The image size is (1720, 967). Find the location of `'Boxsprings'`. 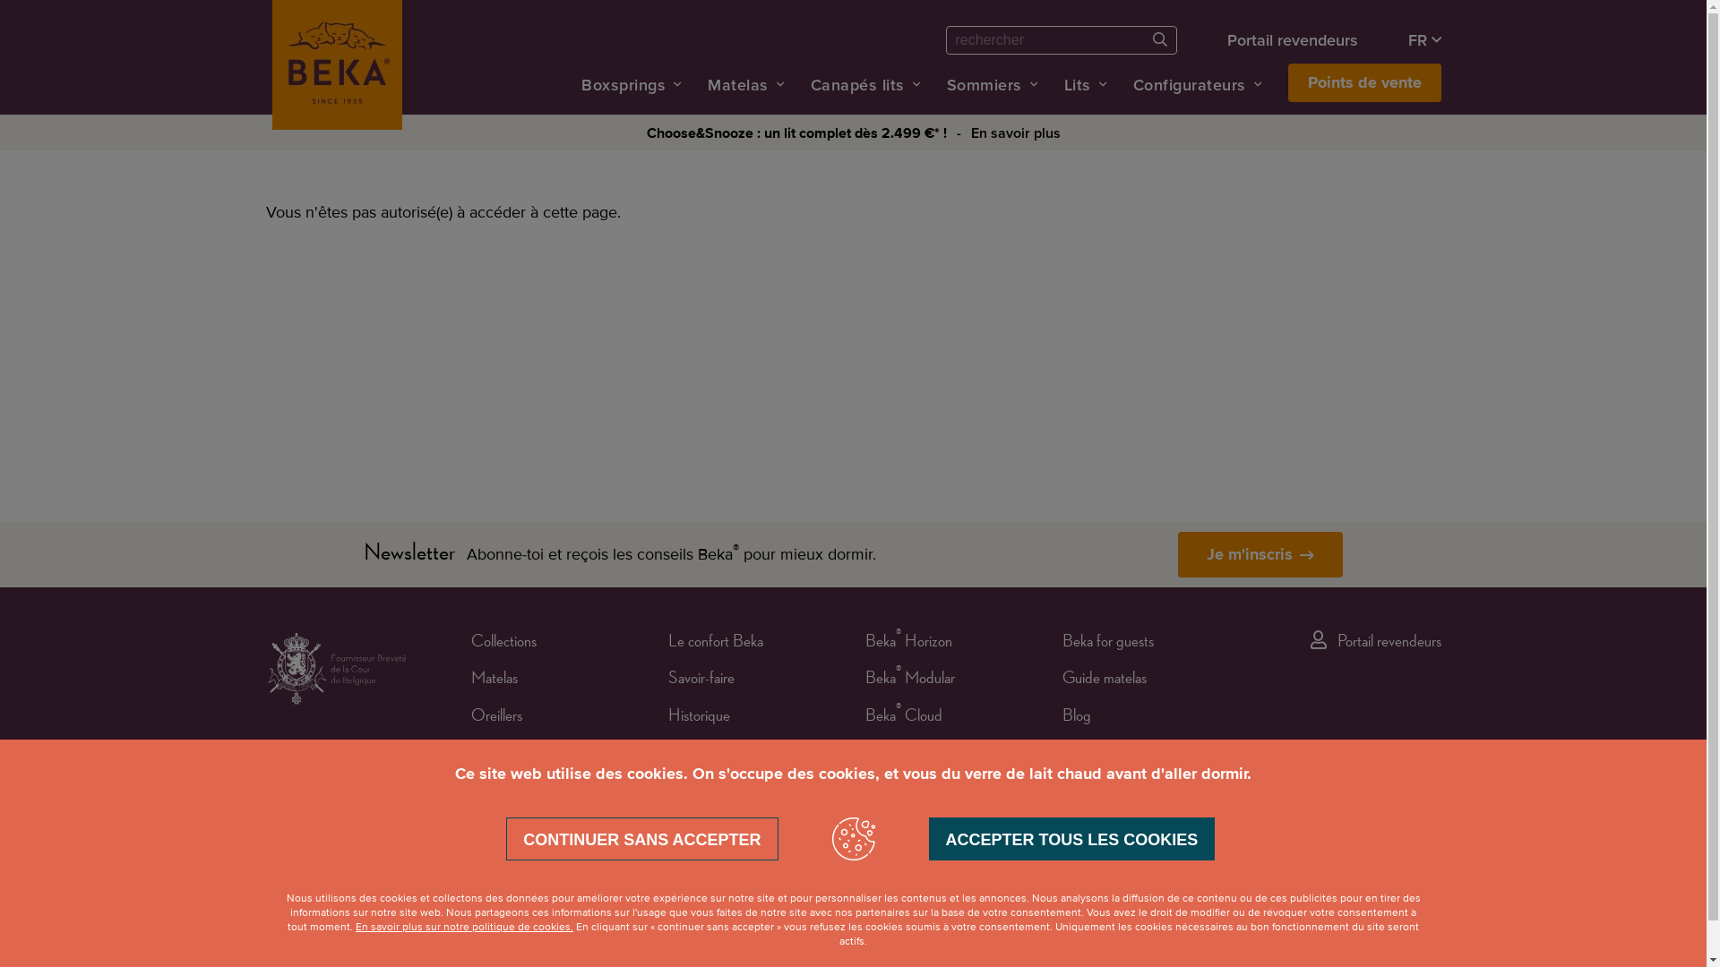

'Boxsprings' is located at coordinates (623, 84).